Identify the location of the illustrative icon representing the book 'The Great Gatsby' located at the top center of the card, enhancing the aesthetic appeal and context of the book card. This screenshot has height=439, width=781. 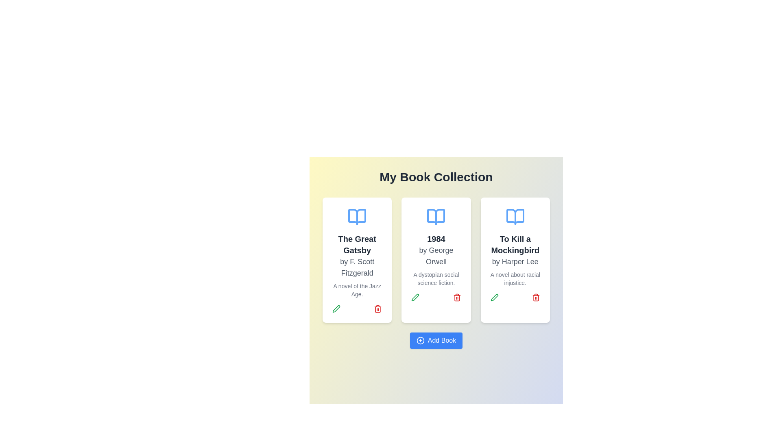
(357, 216).